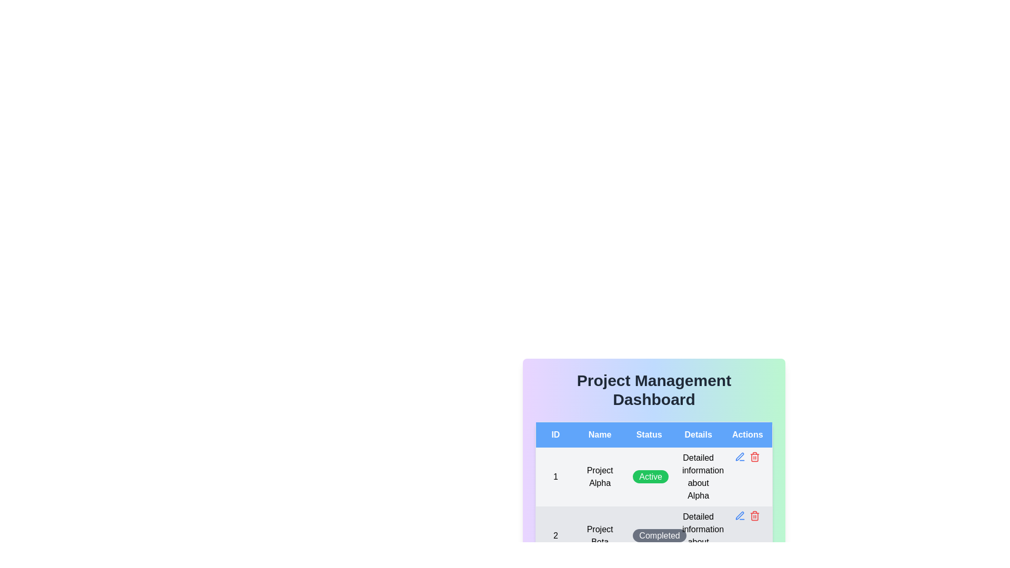 This screenshot has height=568, width=1010. What do you see at coordinates (600, 535) in the screenshot?
I see `the text label 'Project Beta' which is the second item under the 'Name' column in a tabular structure` at bounding box center [600, 535].